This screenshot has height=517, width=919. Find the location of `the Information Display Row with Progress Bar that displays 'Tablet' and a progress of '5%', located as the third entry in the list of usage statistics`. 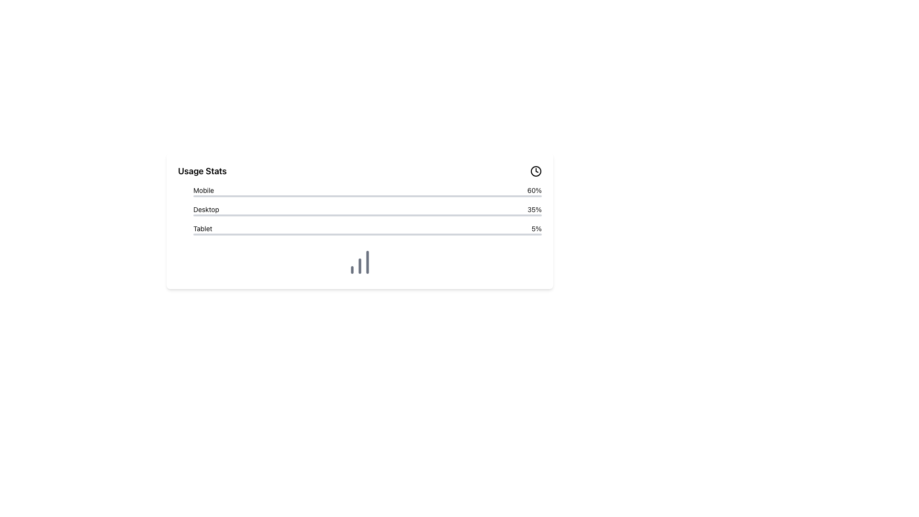

the Information Display Row with Progress Bar that displays 'Tablet' and a progress of '5%', located as the third entry in the list of usage statistics is located at coordinates (359, 229).